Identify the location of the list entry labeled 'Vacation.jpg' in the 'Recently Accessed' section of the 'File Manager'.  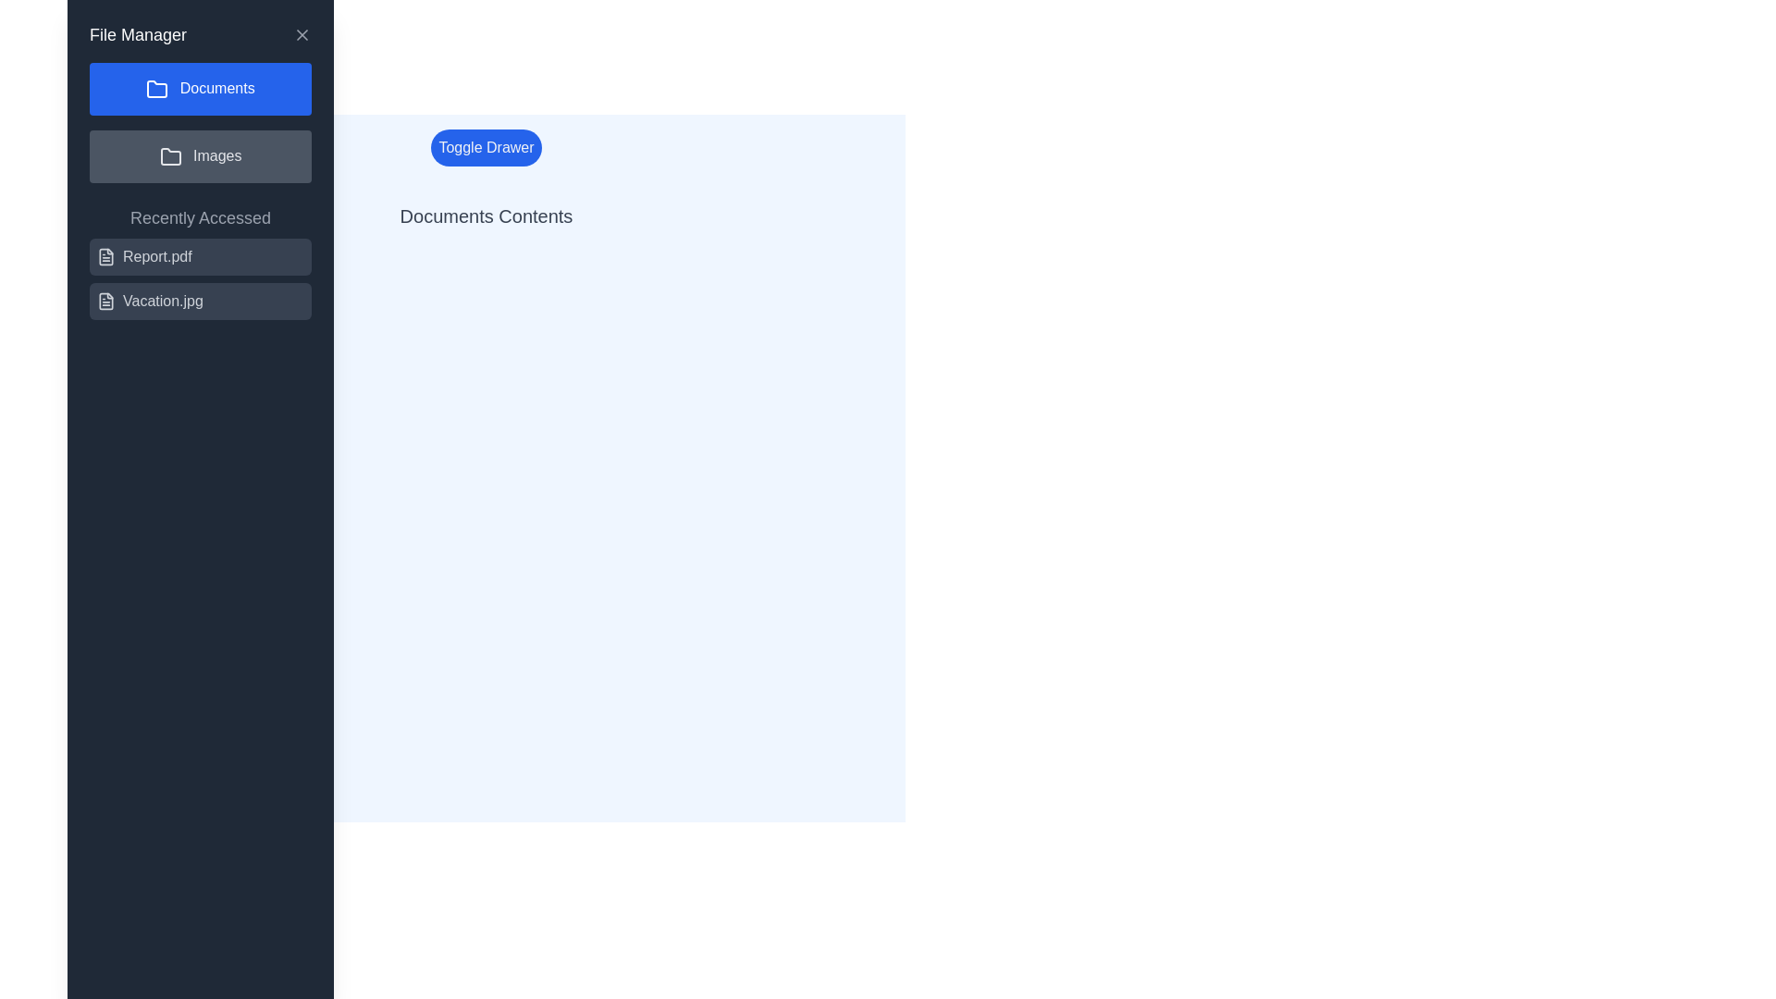
(200, 299).